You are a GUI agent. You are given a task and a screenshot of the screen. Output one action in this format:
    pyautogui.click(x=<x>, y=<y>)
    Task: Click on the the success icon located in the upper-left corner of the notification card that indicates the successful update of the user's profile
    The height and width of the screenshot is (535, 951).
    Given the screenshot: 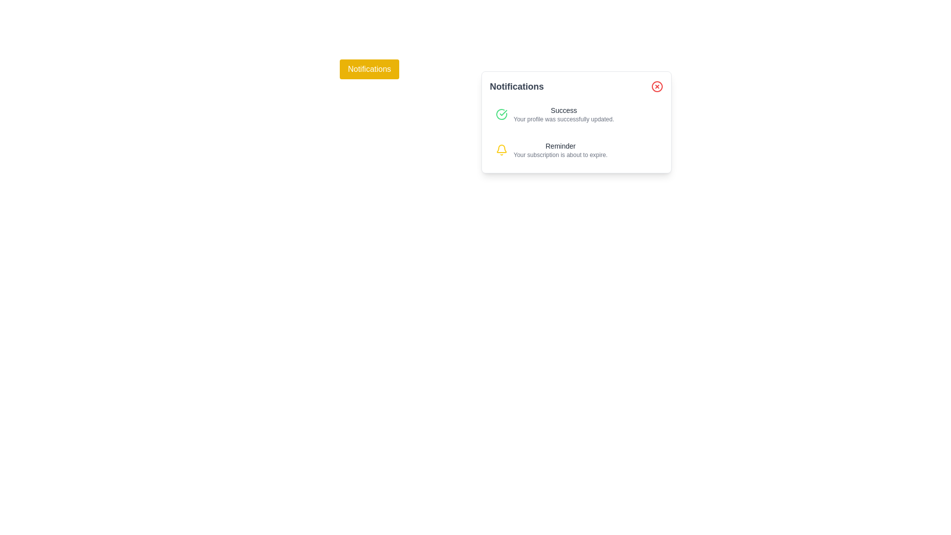 What is the action you would take?
    pyautogui.click(x=501, y=114)
    